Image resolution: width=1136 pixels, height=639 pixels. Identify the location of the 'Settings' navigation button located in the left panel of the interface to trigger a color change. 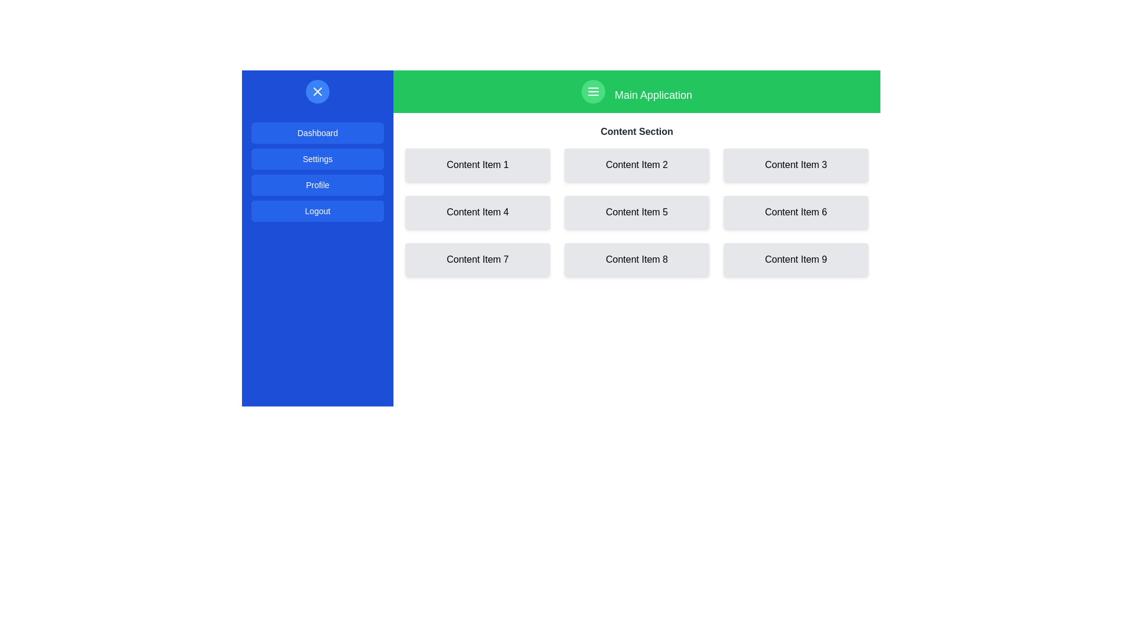
(318, 159).